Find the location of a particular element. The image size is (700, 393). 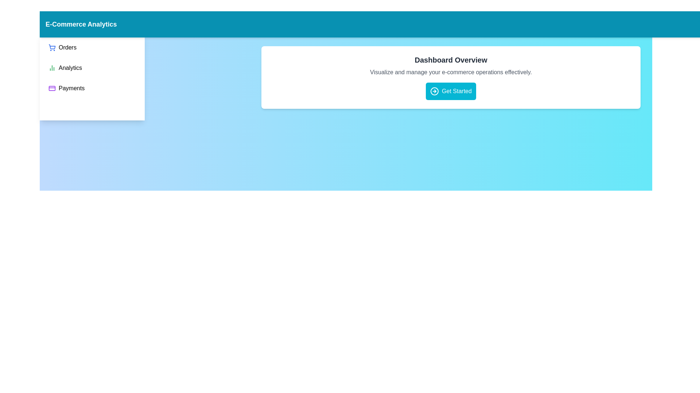

text label located at the top-left corner of the header section to understand the application's focus is located at coordinates (81, 24).